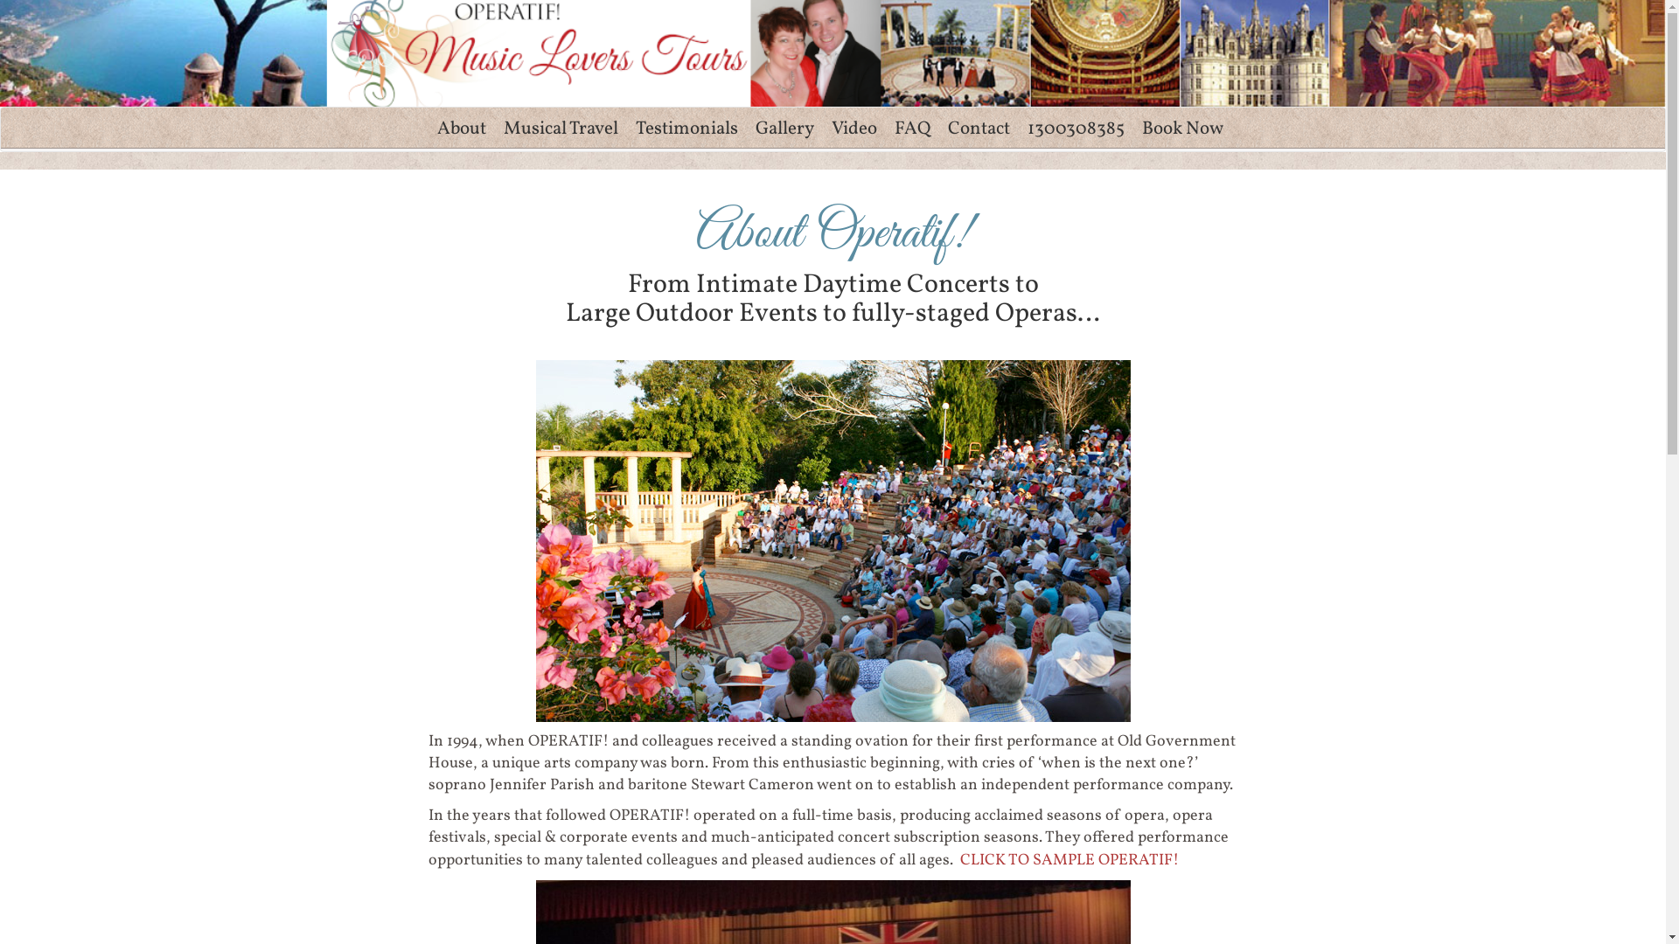  I want to click on 'Gallery', so click(784, 128).